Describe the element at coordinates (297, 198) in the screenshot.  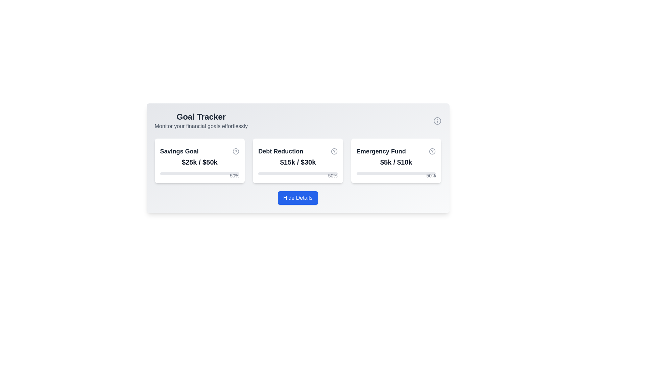
I see `the 'Hide Details' button, which is a rectangular button with rounded corners, solid blue background, and white text, positioned below the financial cards` at that location.